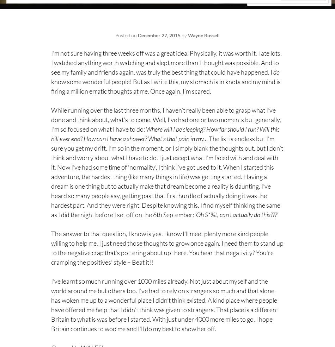  What do you see at coordinates (276, 71) in the screenshot?
I see `'do'` at bounding box center [276, 71].